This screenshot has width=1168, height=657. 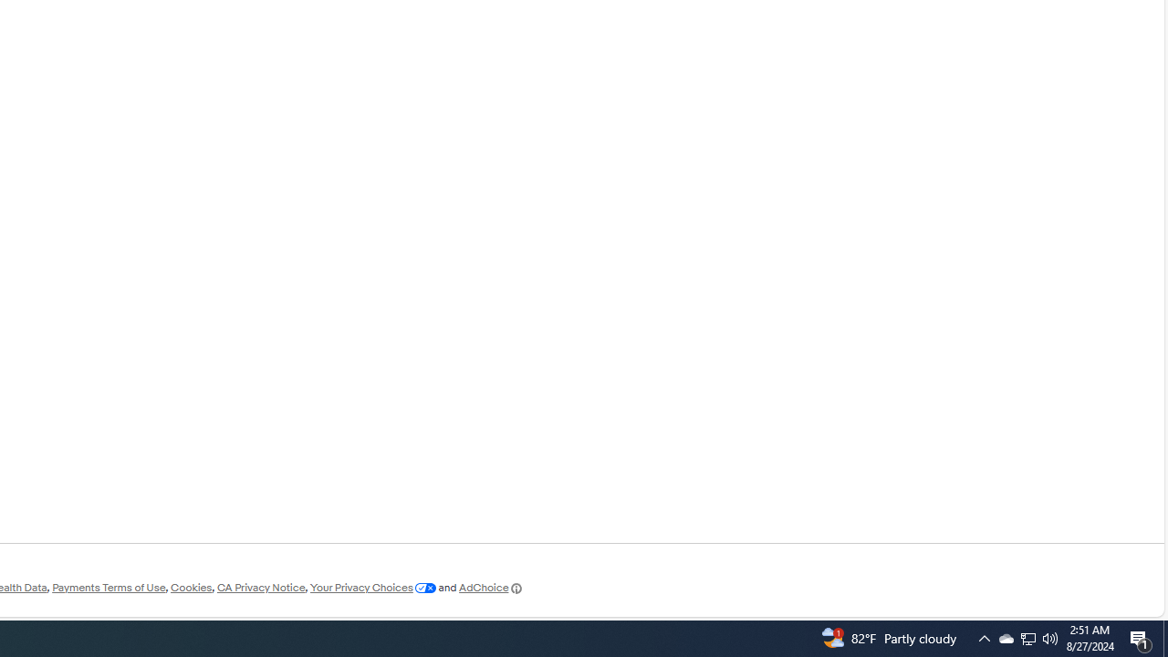 I want to click on 'Payments Terms of Use', so click(x=108, y=588).